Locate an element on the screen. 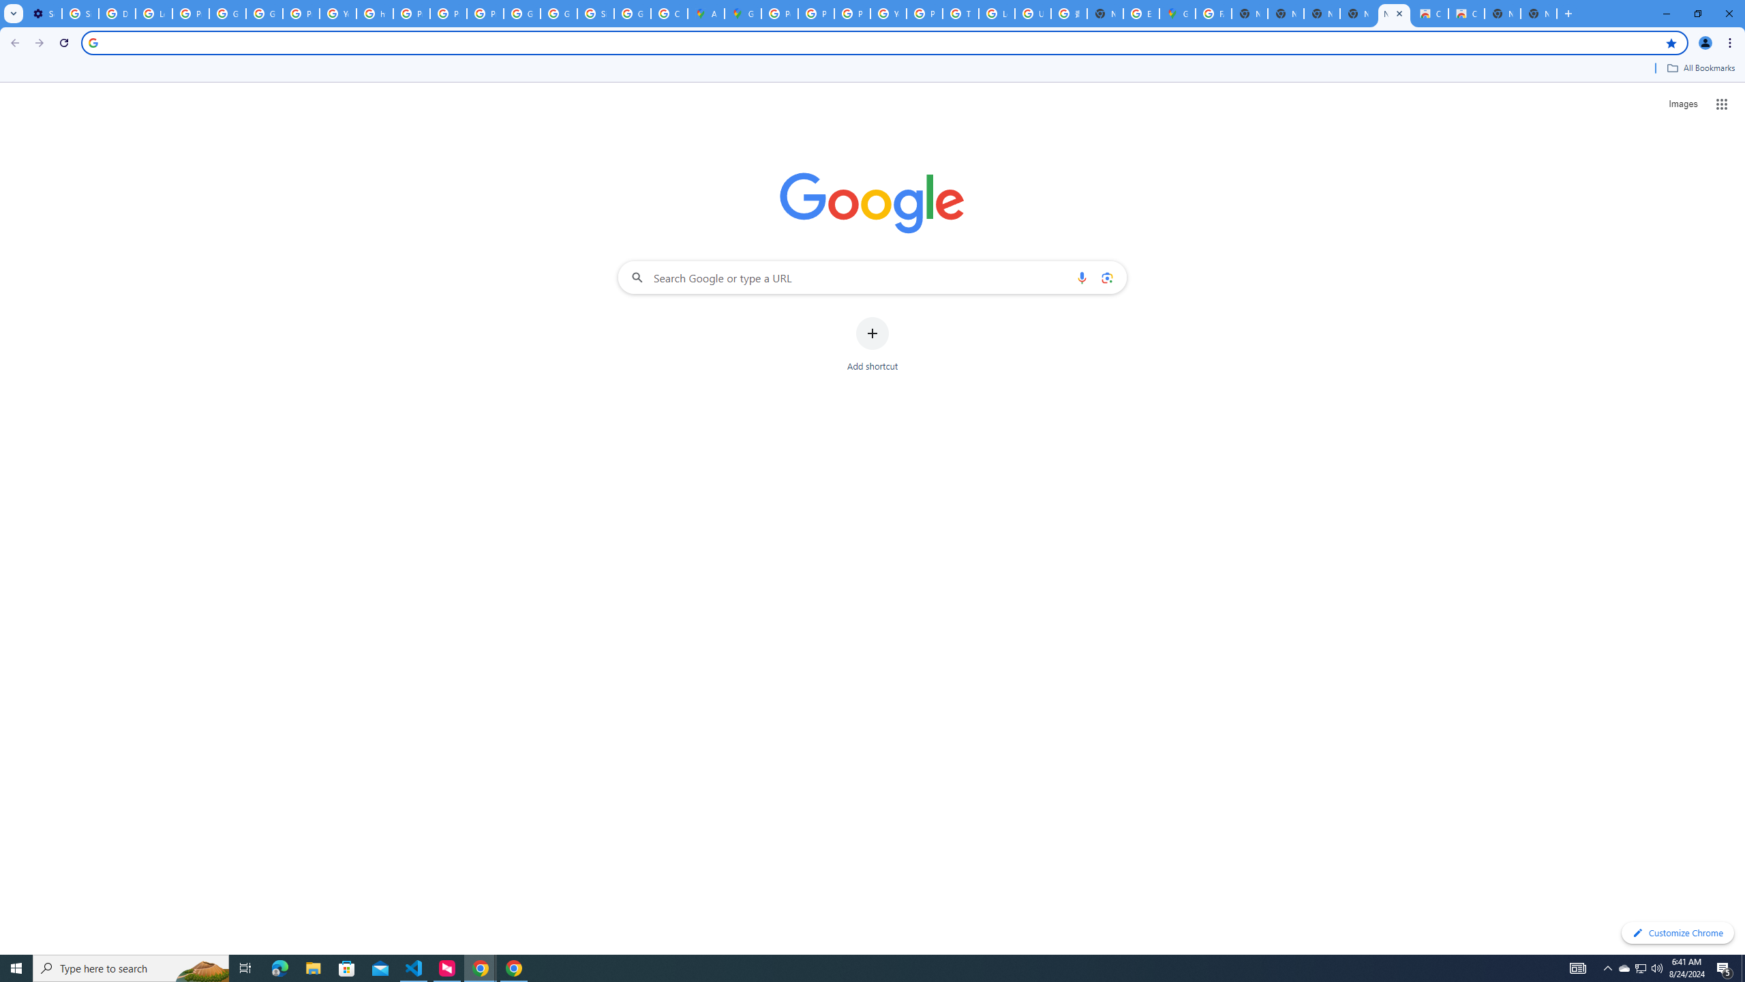 The width and height of the screenshot is (1745, 982). 'Privacy Help Center - Policies Help' is located at coordinates (852, 13).